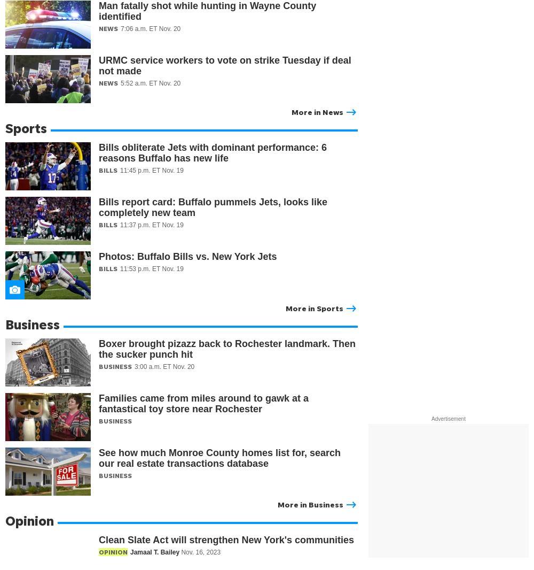 The image size is (534, 570). I want to click on 'Bills obliterate Jets with dominant performance: 6 reasons Buffalo has new life', so click(213, 153).